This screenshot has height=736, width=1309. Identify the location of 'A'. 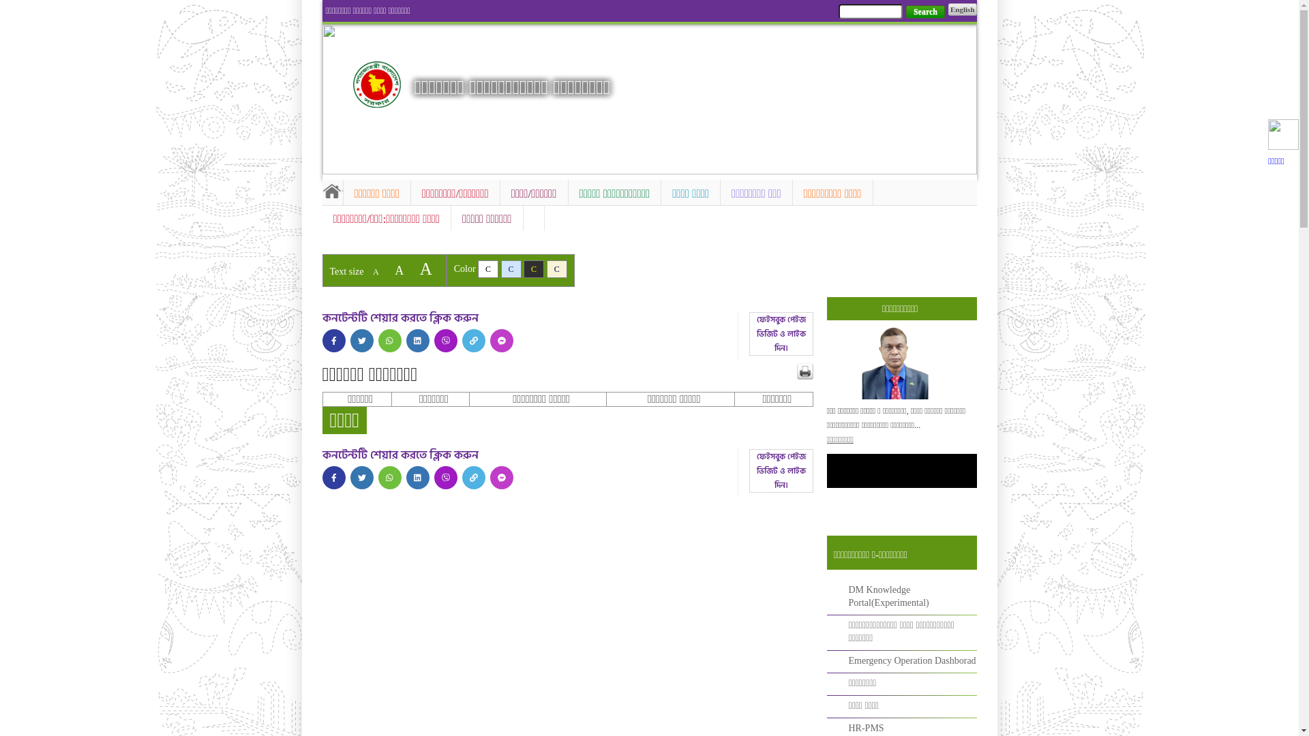
(376, 271).